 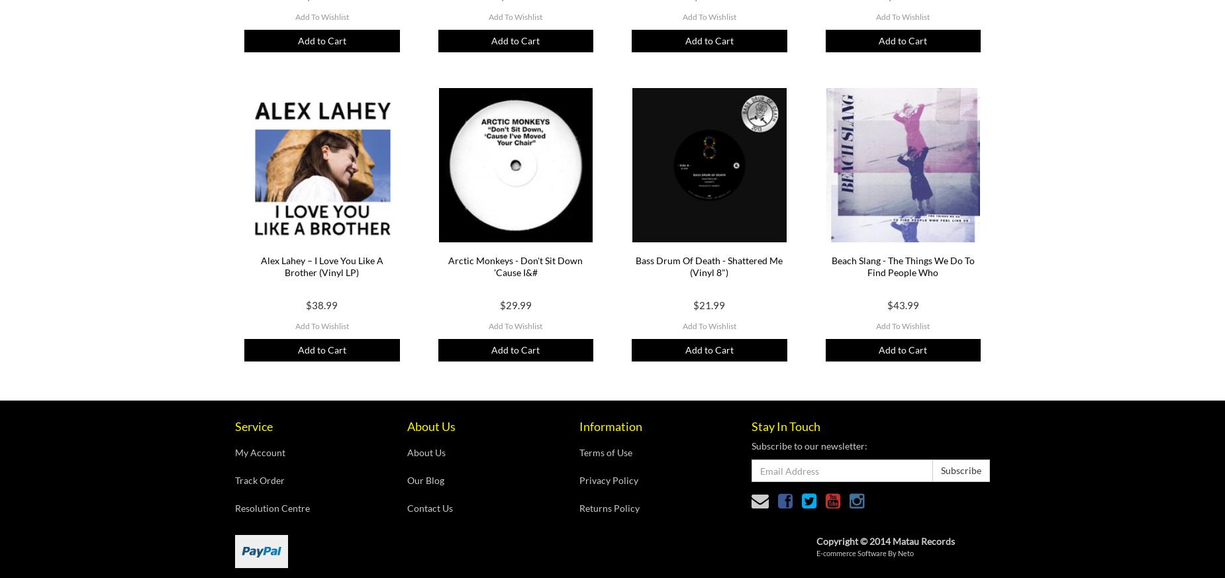 What do you see at coordinates (321, 265) in the screenshot?
I see `'Alex Lahey ‎– I Love You Like A Brother (Vinyl LP)'` at bounding box center [321, 265].